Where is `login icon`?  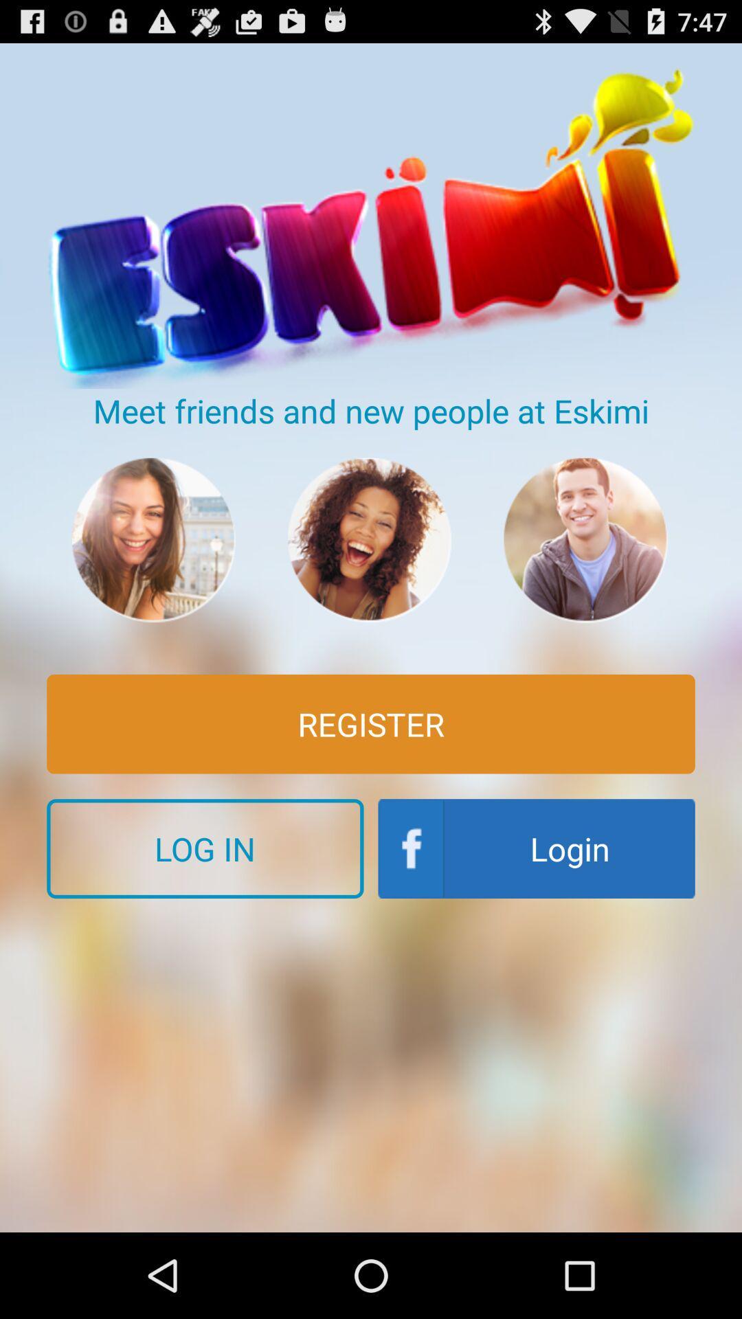 login icon is located at coordinates (536, 848).